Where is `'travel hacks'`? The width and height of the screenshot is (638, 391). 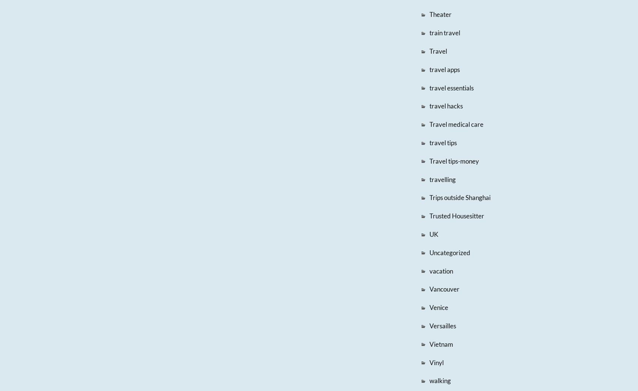
'travel hacks' is located at coordinates (428, 106).